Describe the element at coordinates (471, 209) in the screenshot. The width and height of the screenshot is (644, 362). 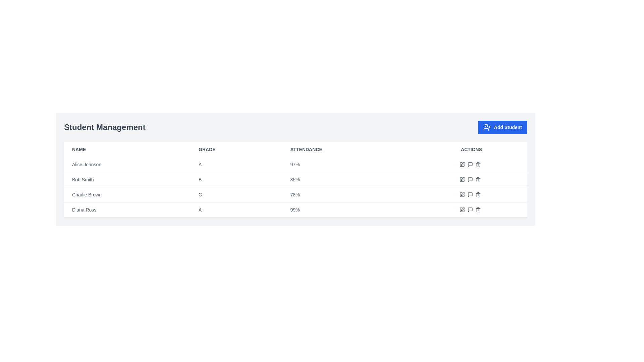
I see `the 'edit' icon in the Actions column of the table row corresponding to 'Diana Ross' to modify the row data` at that location.